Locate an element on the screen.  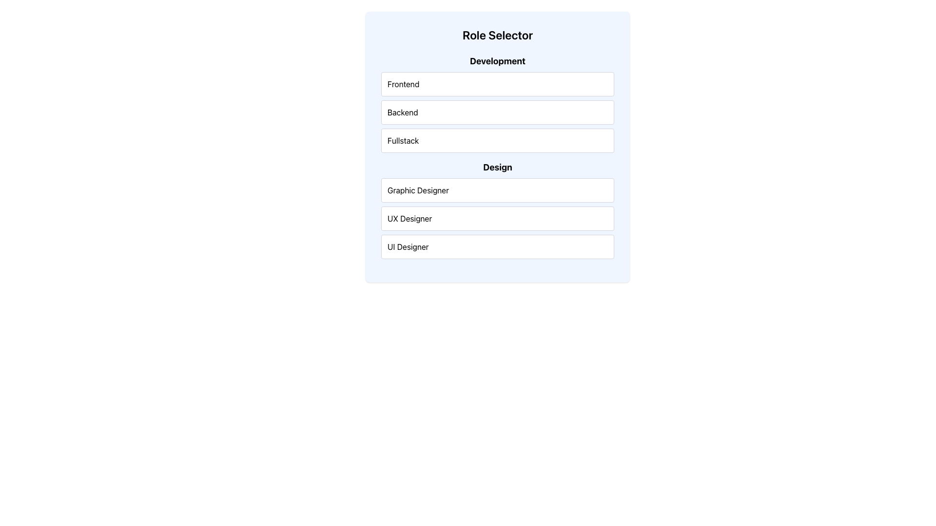
the second item labeled 'UX Designer' in the 'Design' section of the list is located at coordinates (498, 218).